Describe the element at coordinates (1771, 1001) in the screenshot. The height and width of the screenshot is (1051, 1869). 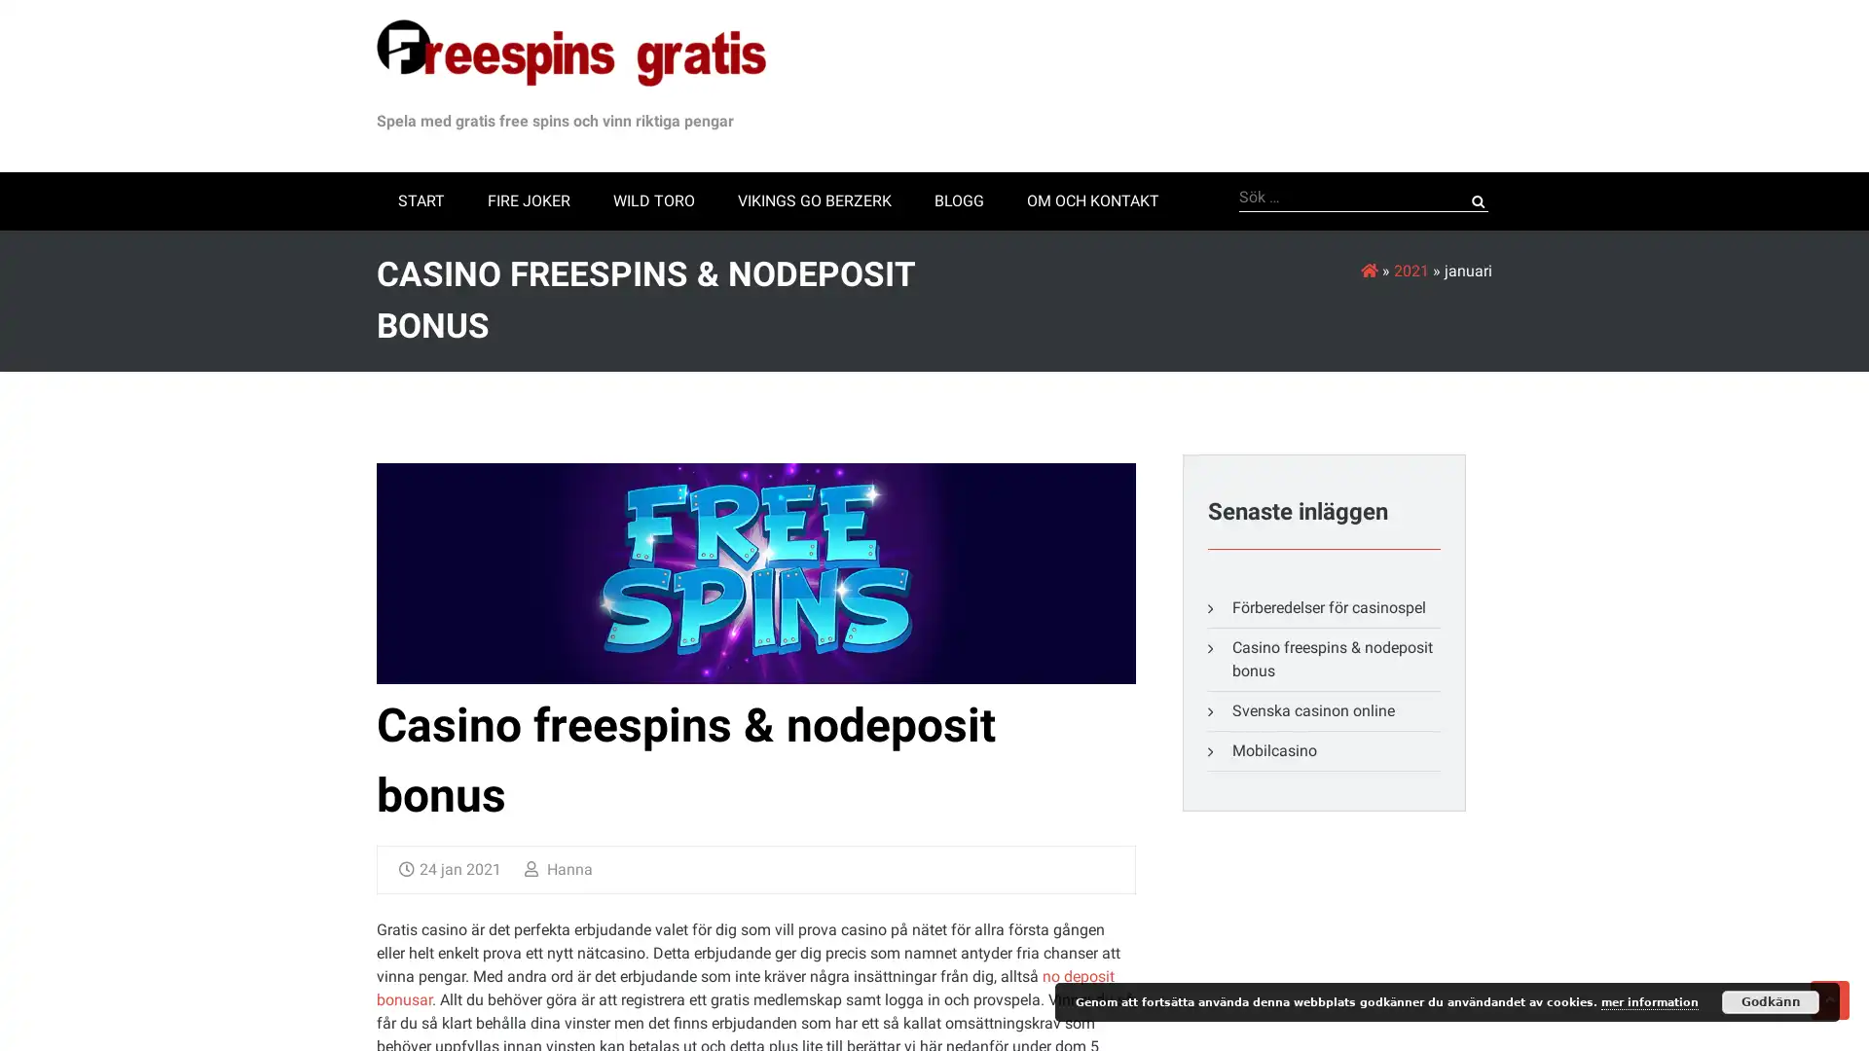
I see `Godkann` at that location.